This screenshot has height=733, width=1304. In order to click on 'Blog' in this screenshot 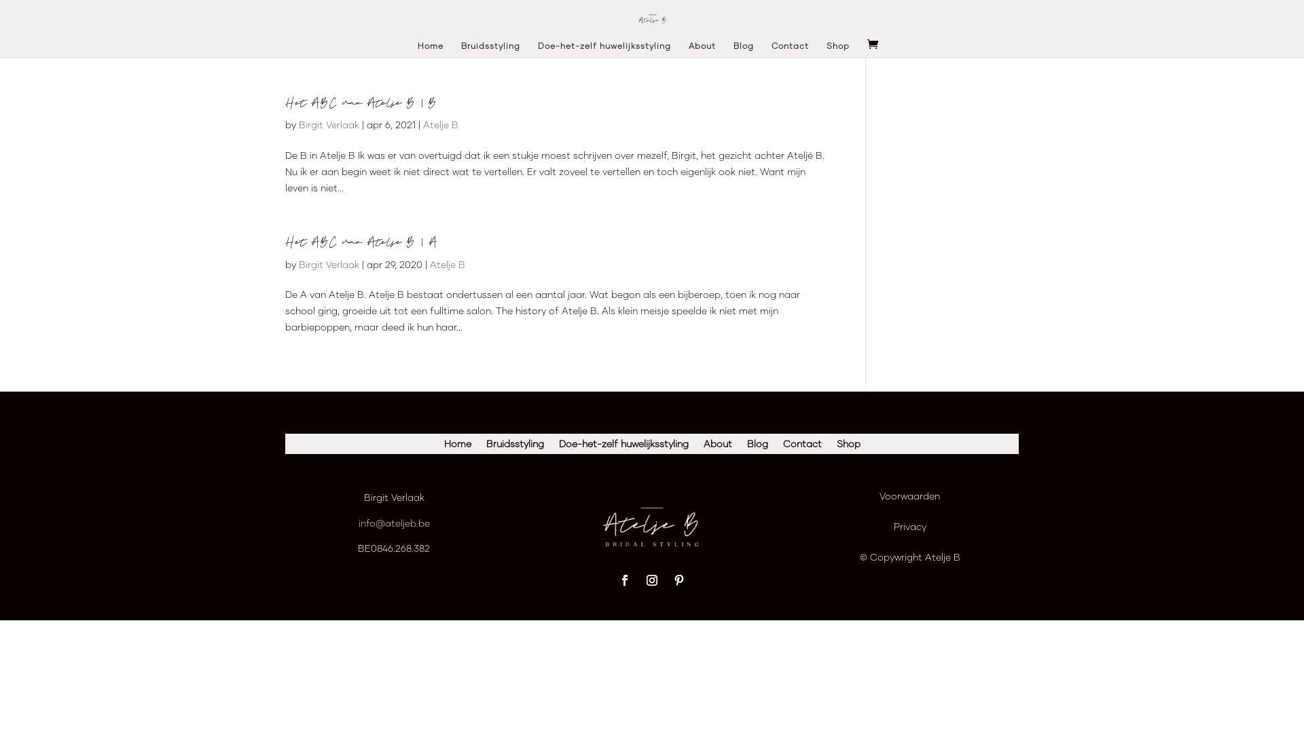, I will do `click(742, 49)`.